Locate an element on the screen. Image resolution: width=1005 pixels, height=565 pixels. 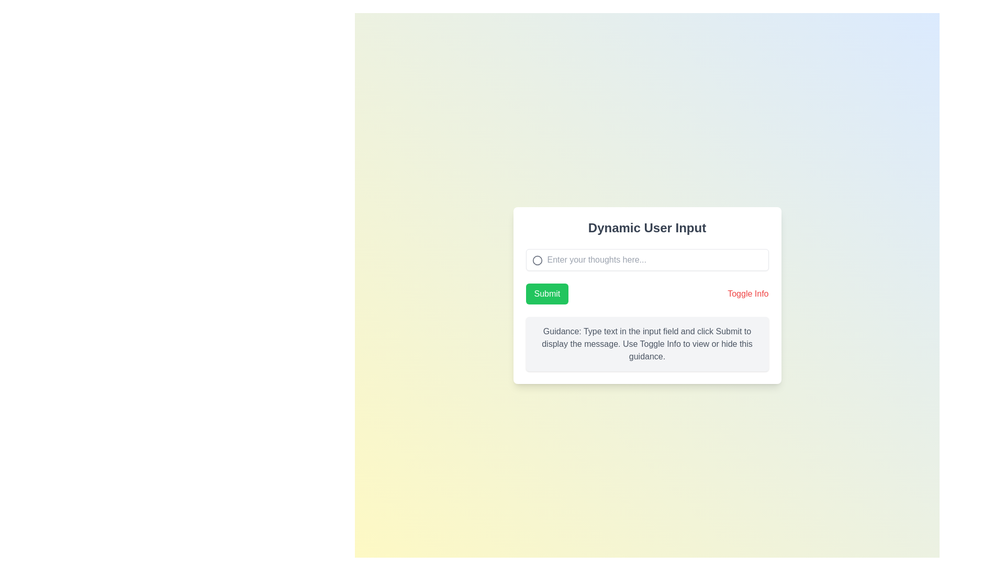
the circular gray outlined icon with a white interior located at the top-left corner of the text input area labeled 'Enter your thoughts here...' is located at coordinates (537, 259).